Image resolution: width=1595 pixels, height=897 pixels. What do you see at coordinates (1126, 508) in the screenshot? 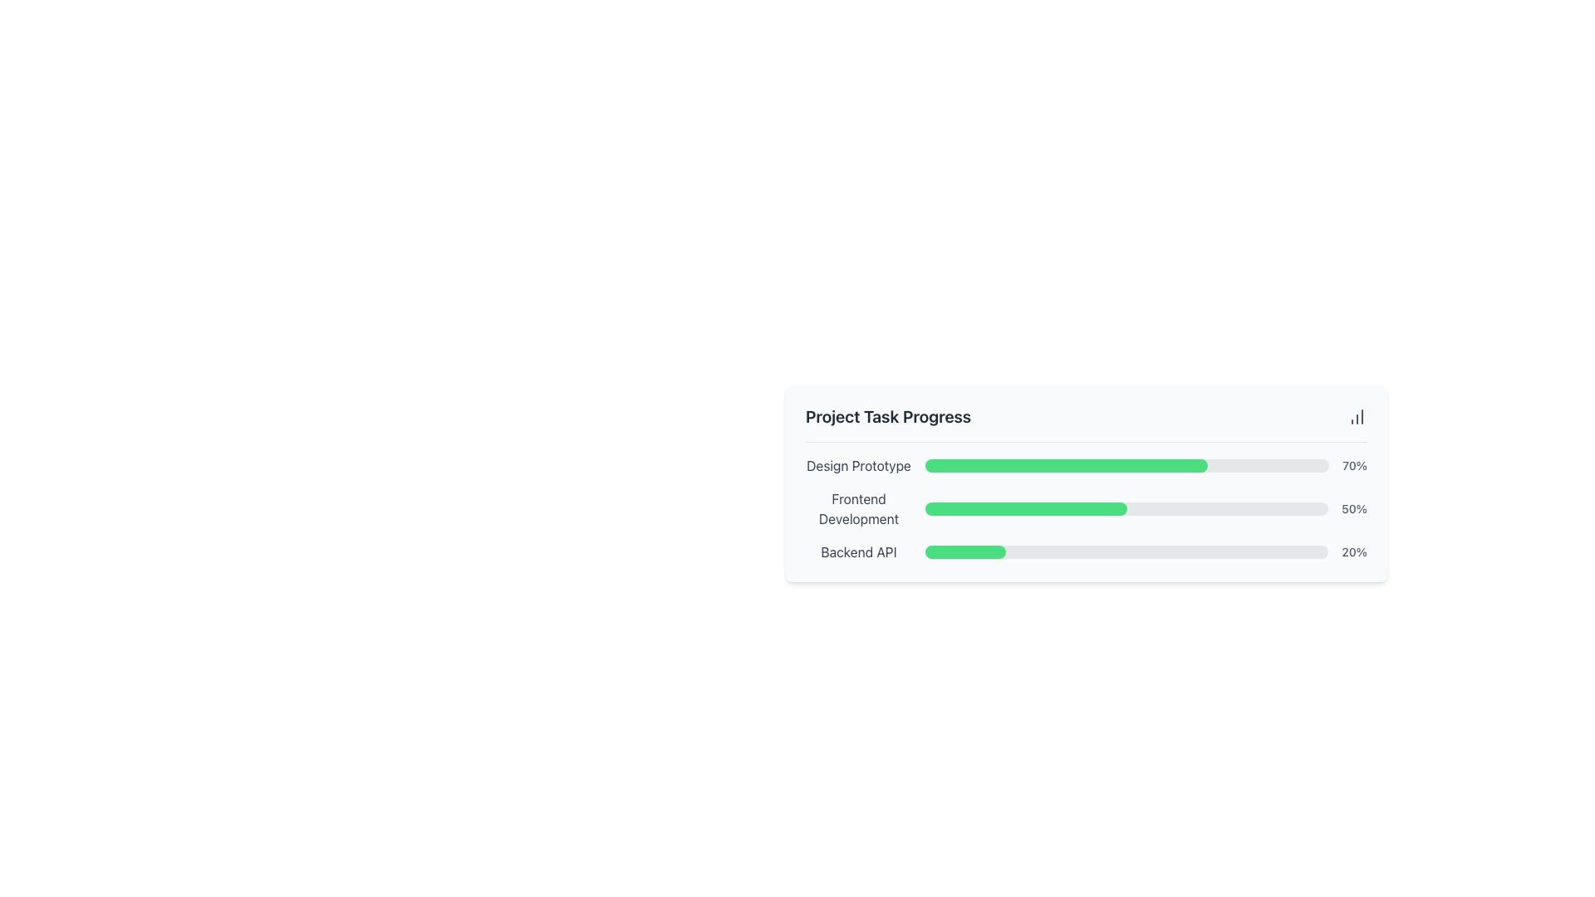
I see `progress bar indicating 50% completion for 'Frontend Development' tasks, located in the 'Project Task Progress' section` at bounding box center [1126, 508].